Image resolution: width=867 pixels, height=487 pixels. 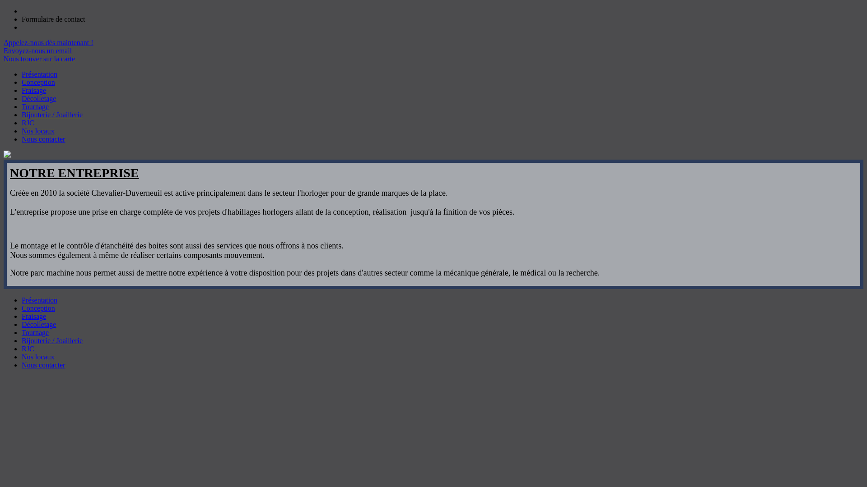 What do you see at coordinates (51, 340) in the screenshot?
I see `'Bijouterie / Joaillerie'` at bounding box center [51, 340].